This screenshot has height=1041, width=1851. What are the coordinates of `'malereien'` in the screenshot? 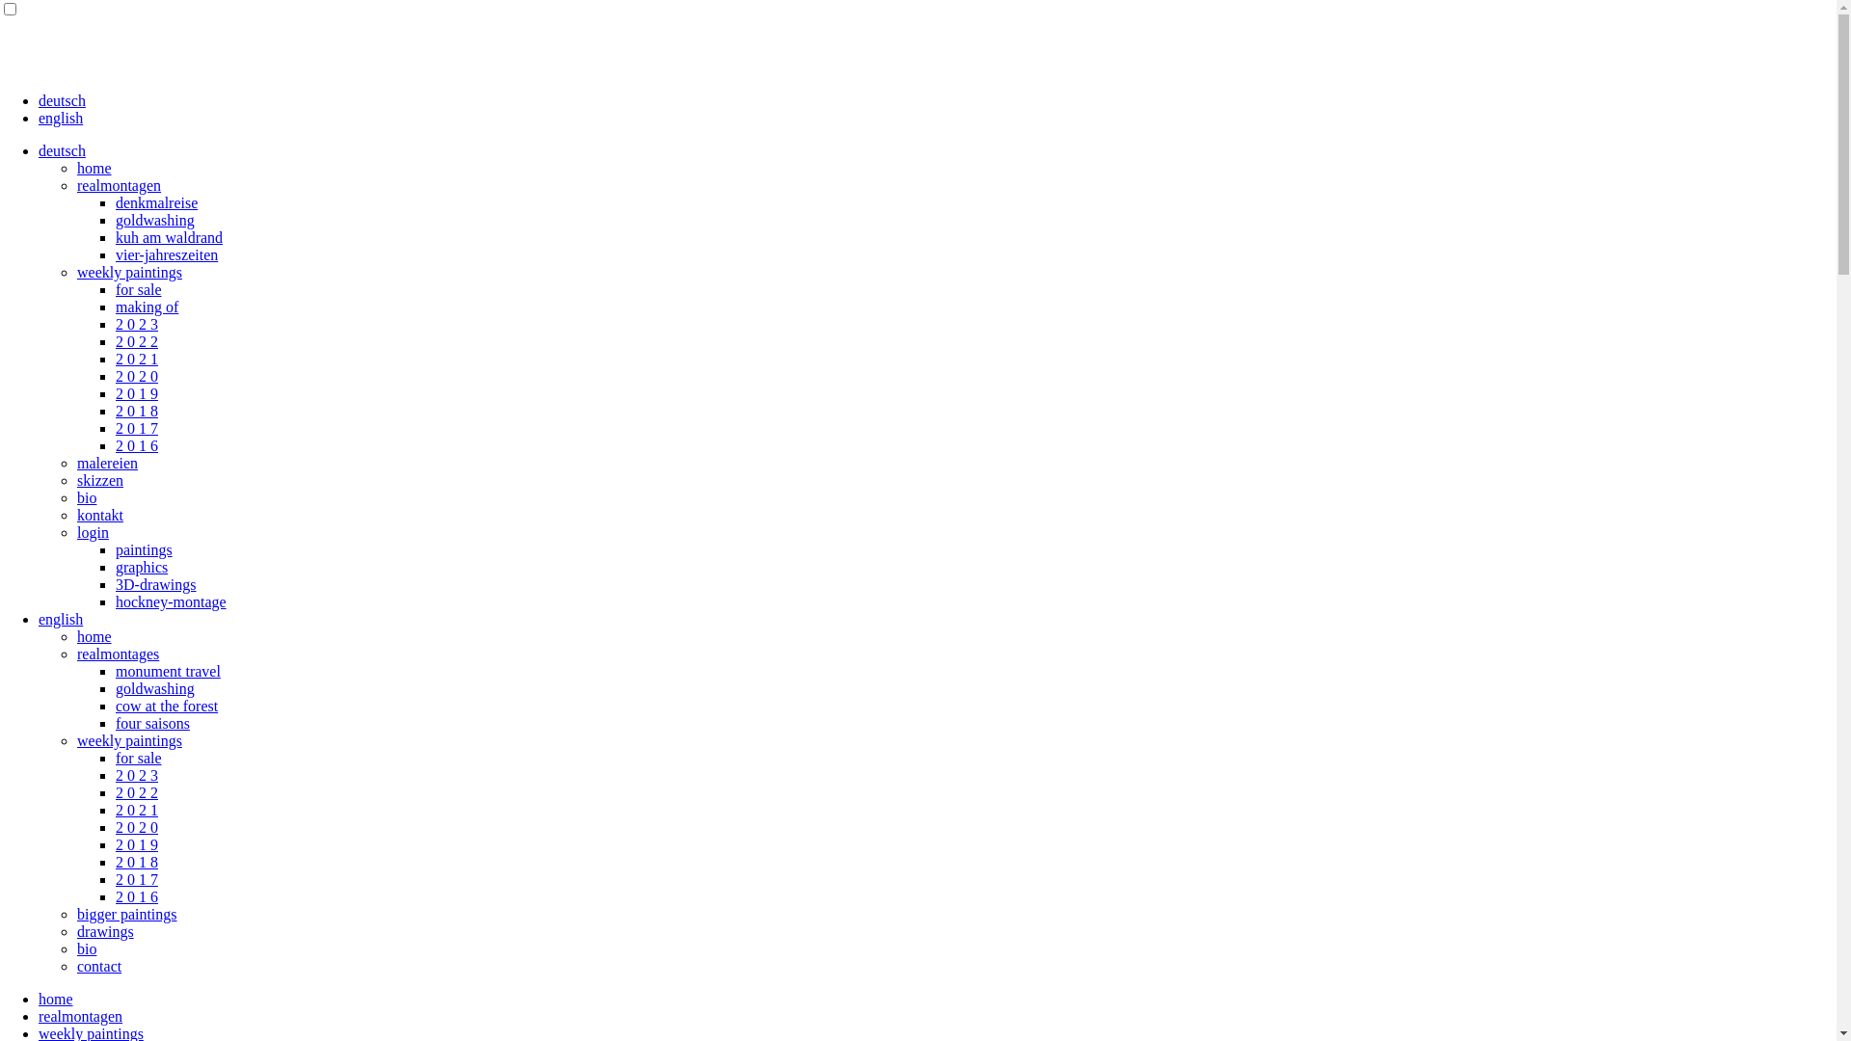 It's located at (106, 463).